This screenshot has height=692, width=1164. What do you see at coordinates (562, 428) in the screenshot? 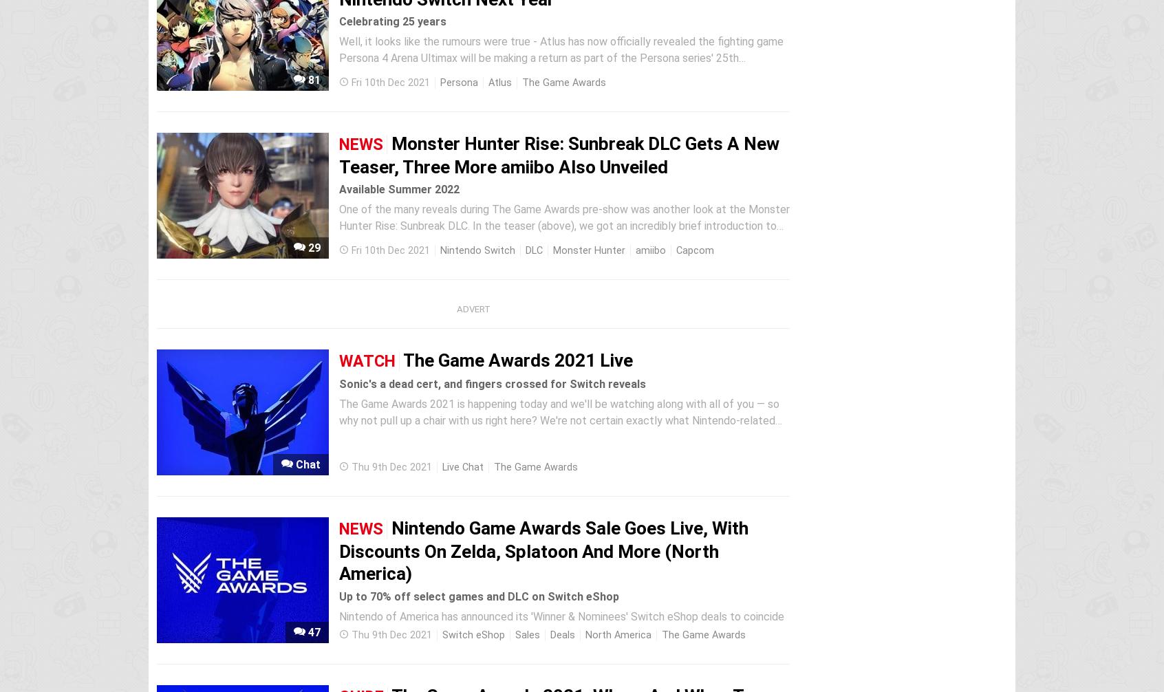
I see `'The Game Awards 2021 is happening today and we'll be watching along with all of you — so why not pull up a chair with us right here? 
We're not certain exactly what Nintendo-related announcements we'll see this year, but there's sure to be a juicy morsel or two alongside the awards...'` at bounding box center [562, 428].